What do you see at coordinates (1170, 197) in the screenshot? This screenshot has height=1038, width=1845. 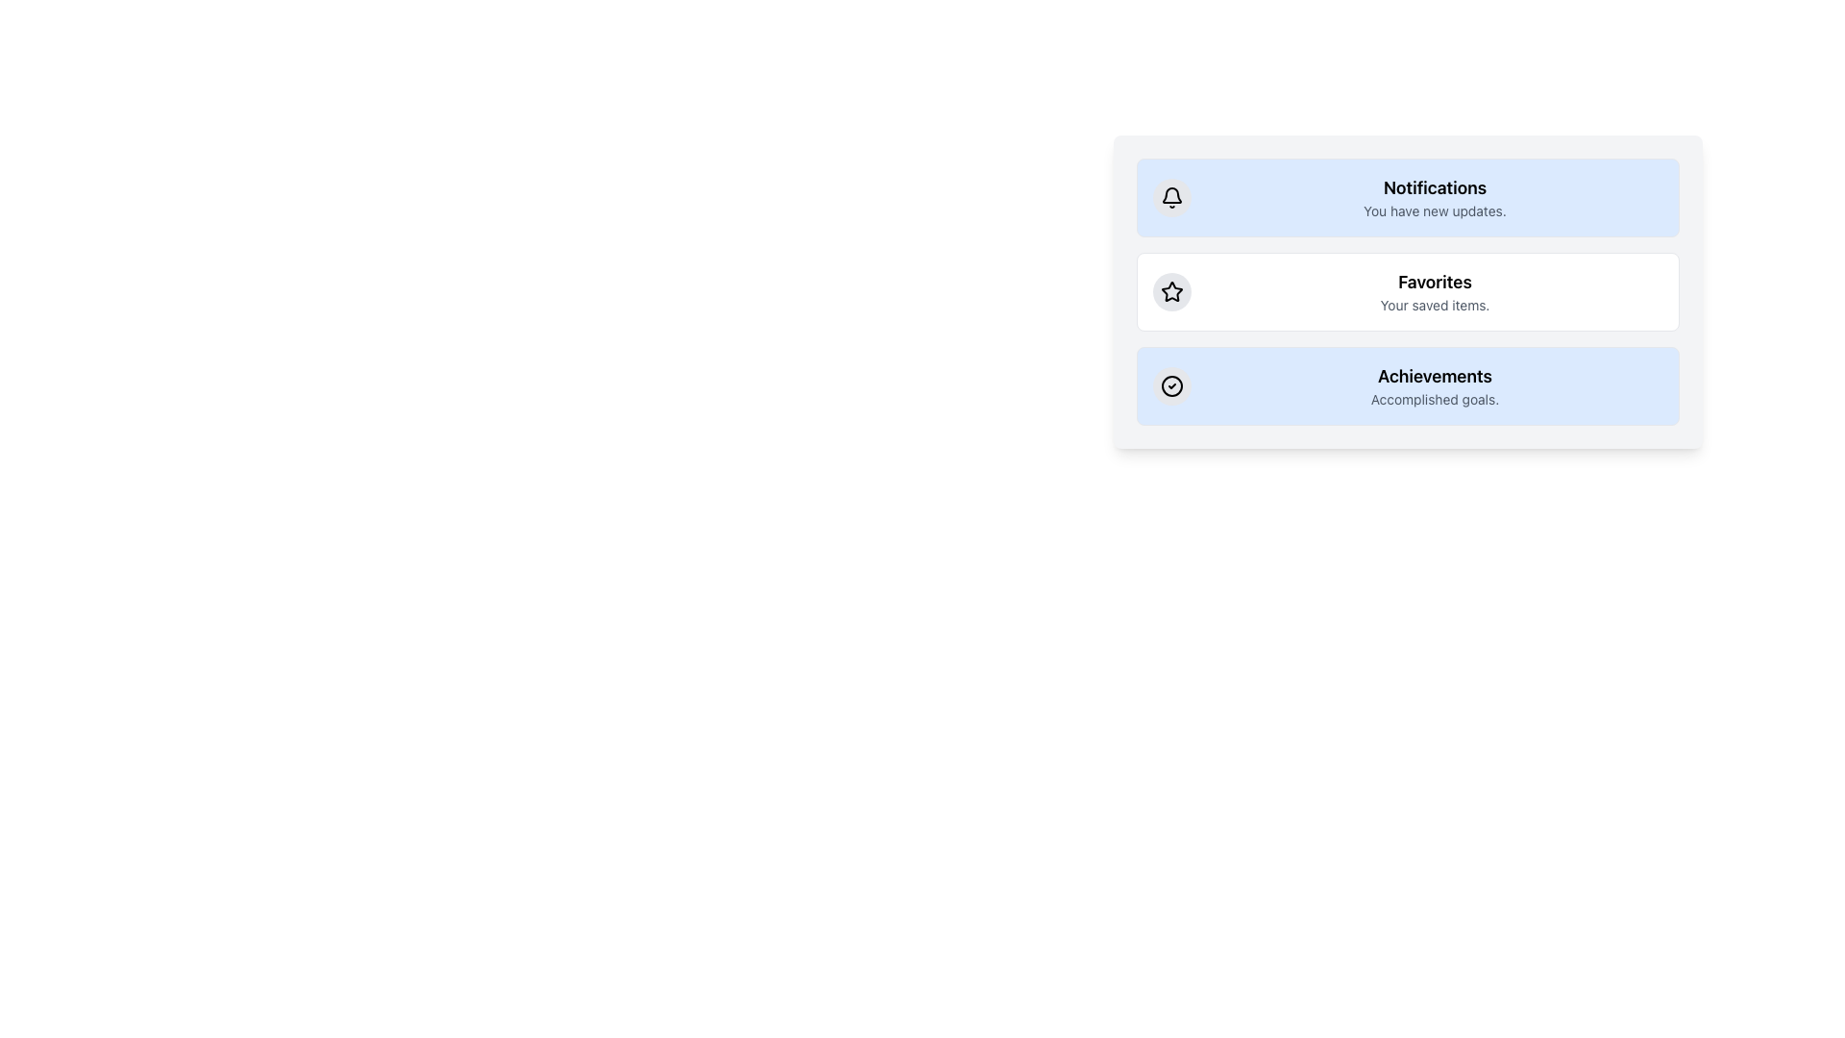 I see `the circular icon with a light gray background and a bell symbol, located to the left of the 'Notifications' item in the vertical list` at bounding box center [1170, 197].